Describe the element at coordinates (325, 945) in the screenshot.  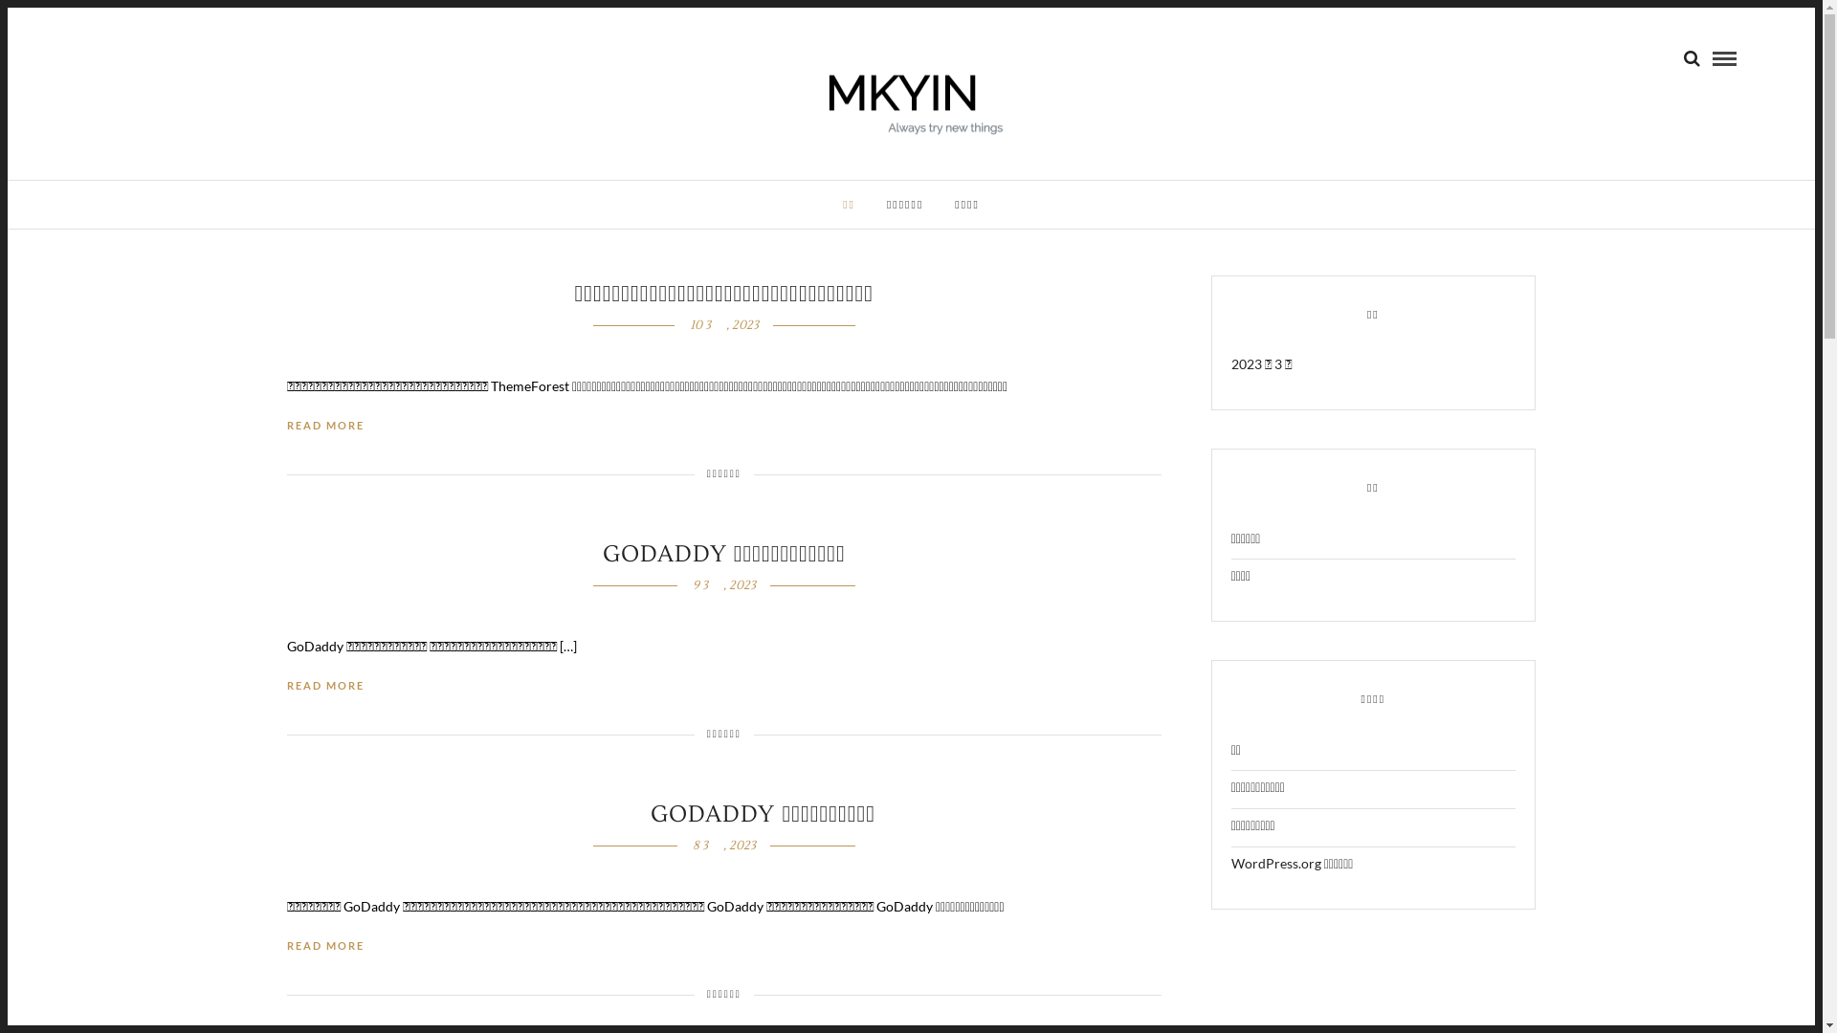
I see `'READ MORE'` at that location.